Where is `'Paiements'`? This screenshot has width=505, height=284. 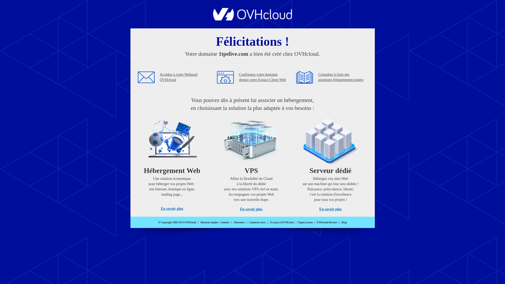
'Paiements' is located at coordinates (239, 222).